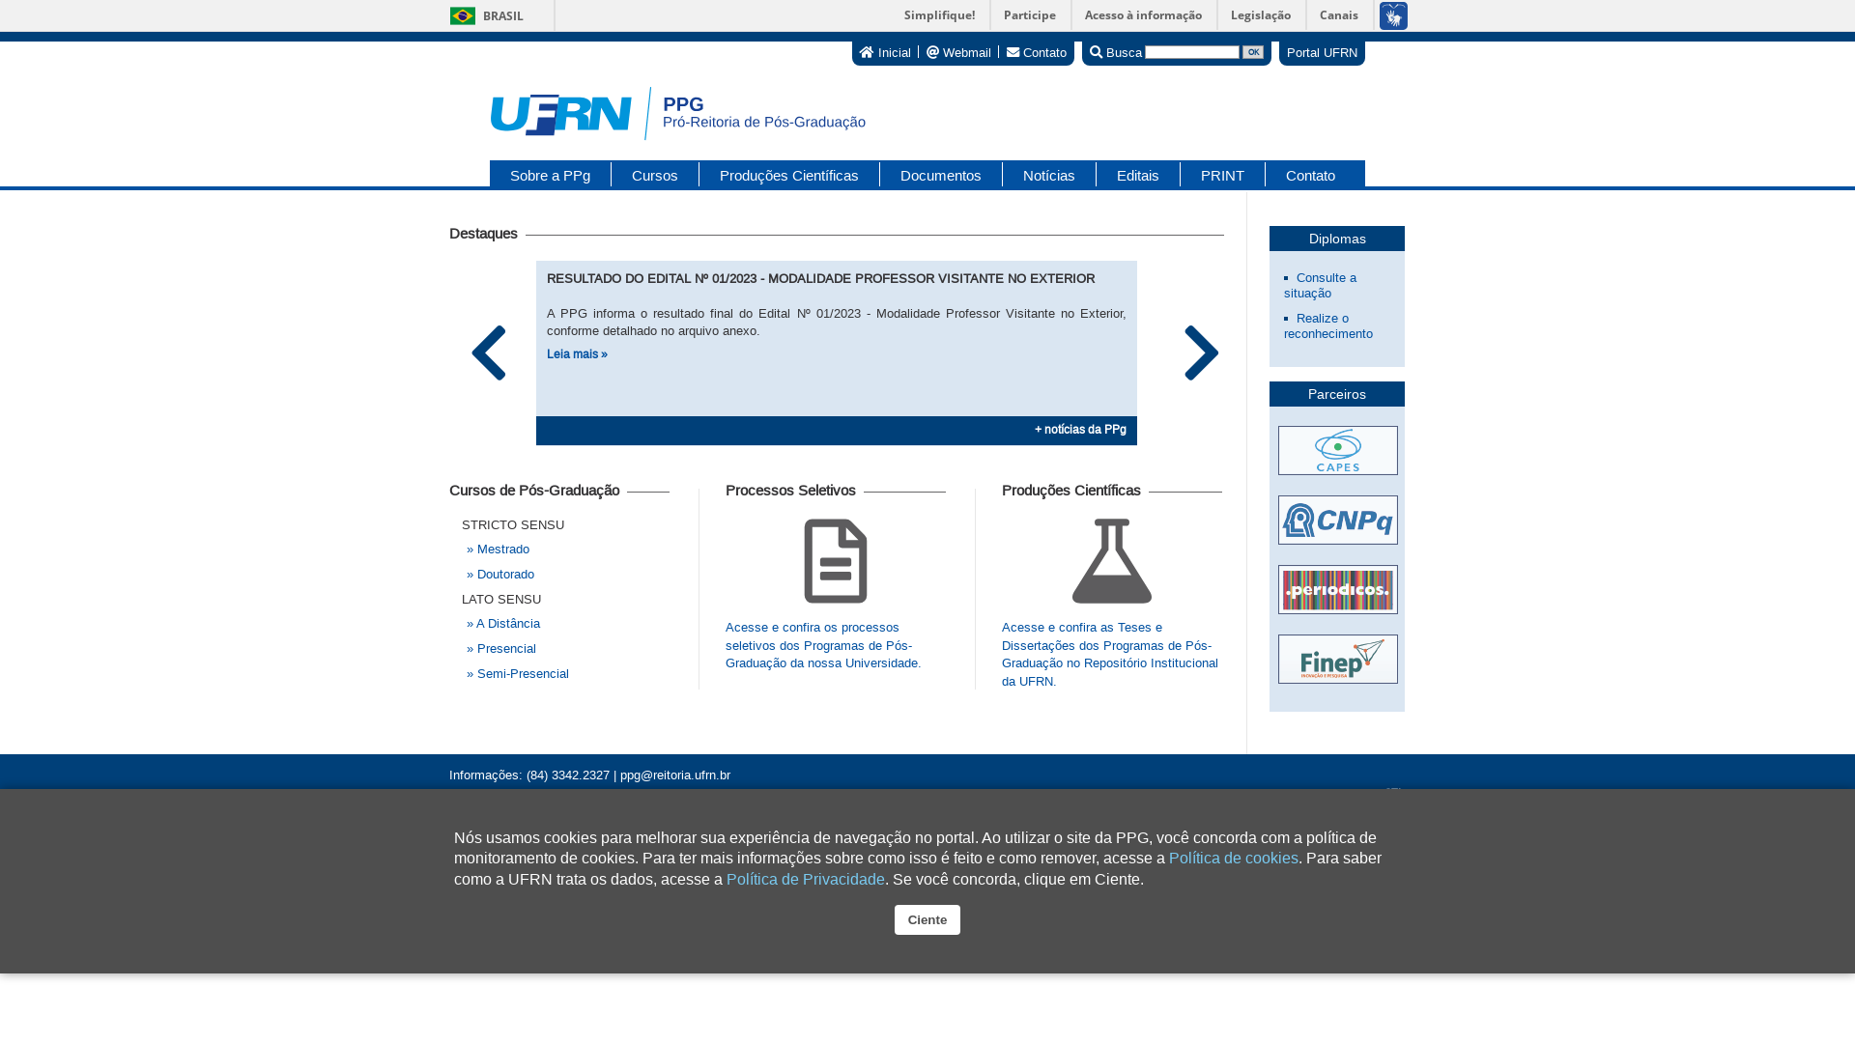 The image size is (1855, 1043). What do you see at coordinates (1278, 659) in the screenshot?
I see `'Acessar site da FINEP'` at bounding box center [1278, 659].